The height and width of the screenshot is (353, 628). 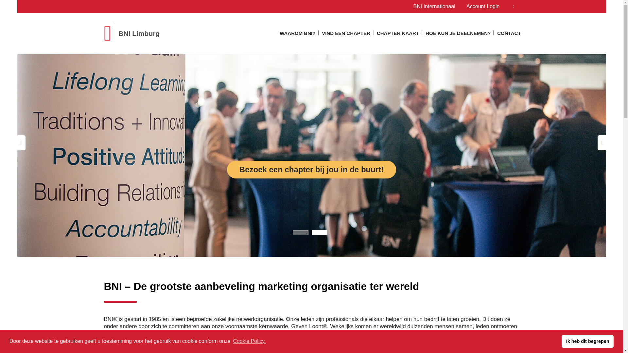 I want to click on 'CONTACT', so click(x=508, y=35).